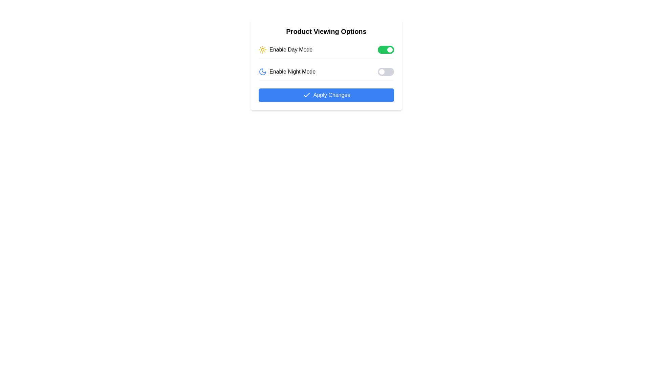 The height and width of the screenshot is (366, 650). What do you see at coordinates (390, 49) in the screenshot?
I see `the movable knob of the toggle switch located` at bounding box center [390, 49].